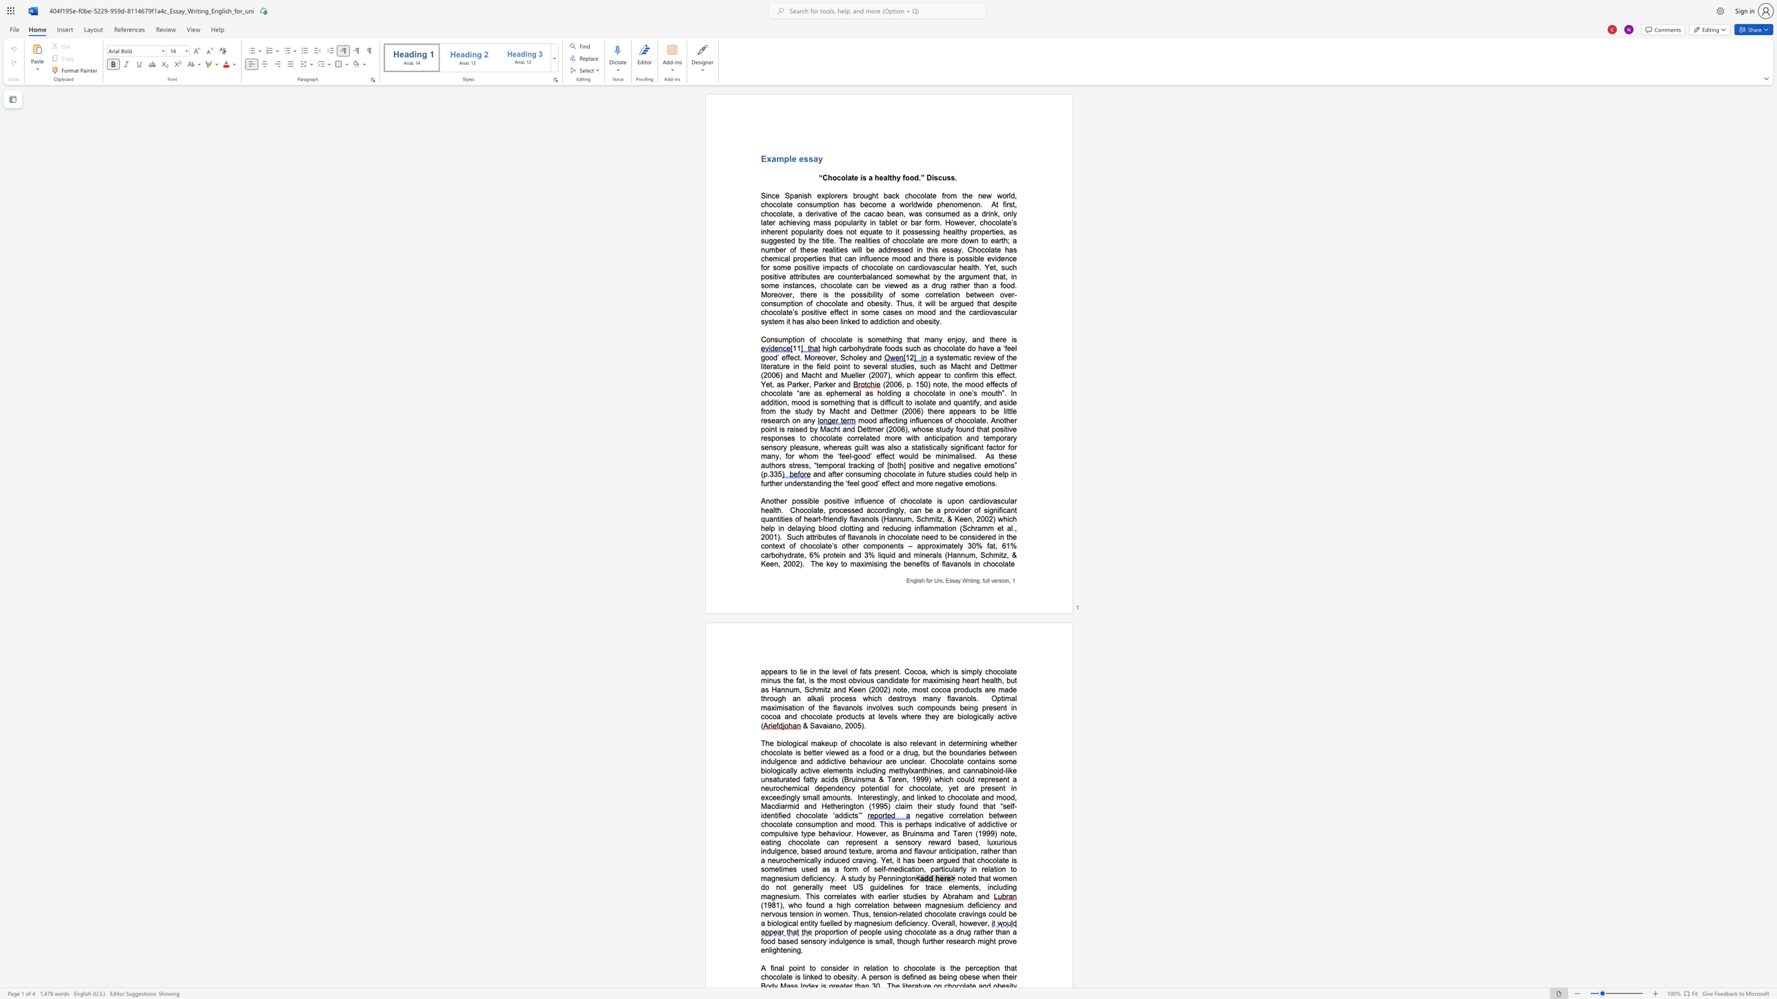  What do you see at coordinates (905, 823) in the screenshot?
I see `the subset text "perhaps i" within the text "perhaps indicative"` at bounding box center [905, 823].